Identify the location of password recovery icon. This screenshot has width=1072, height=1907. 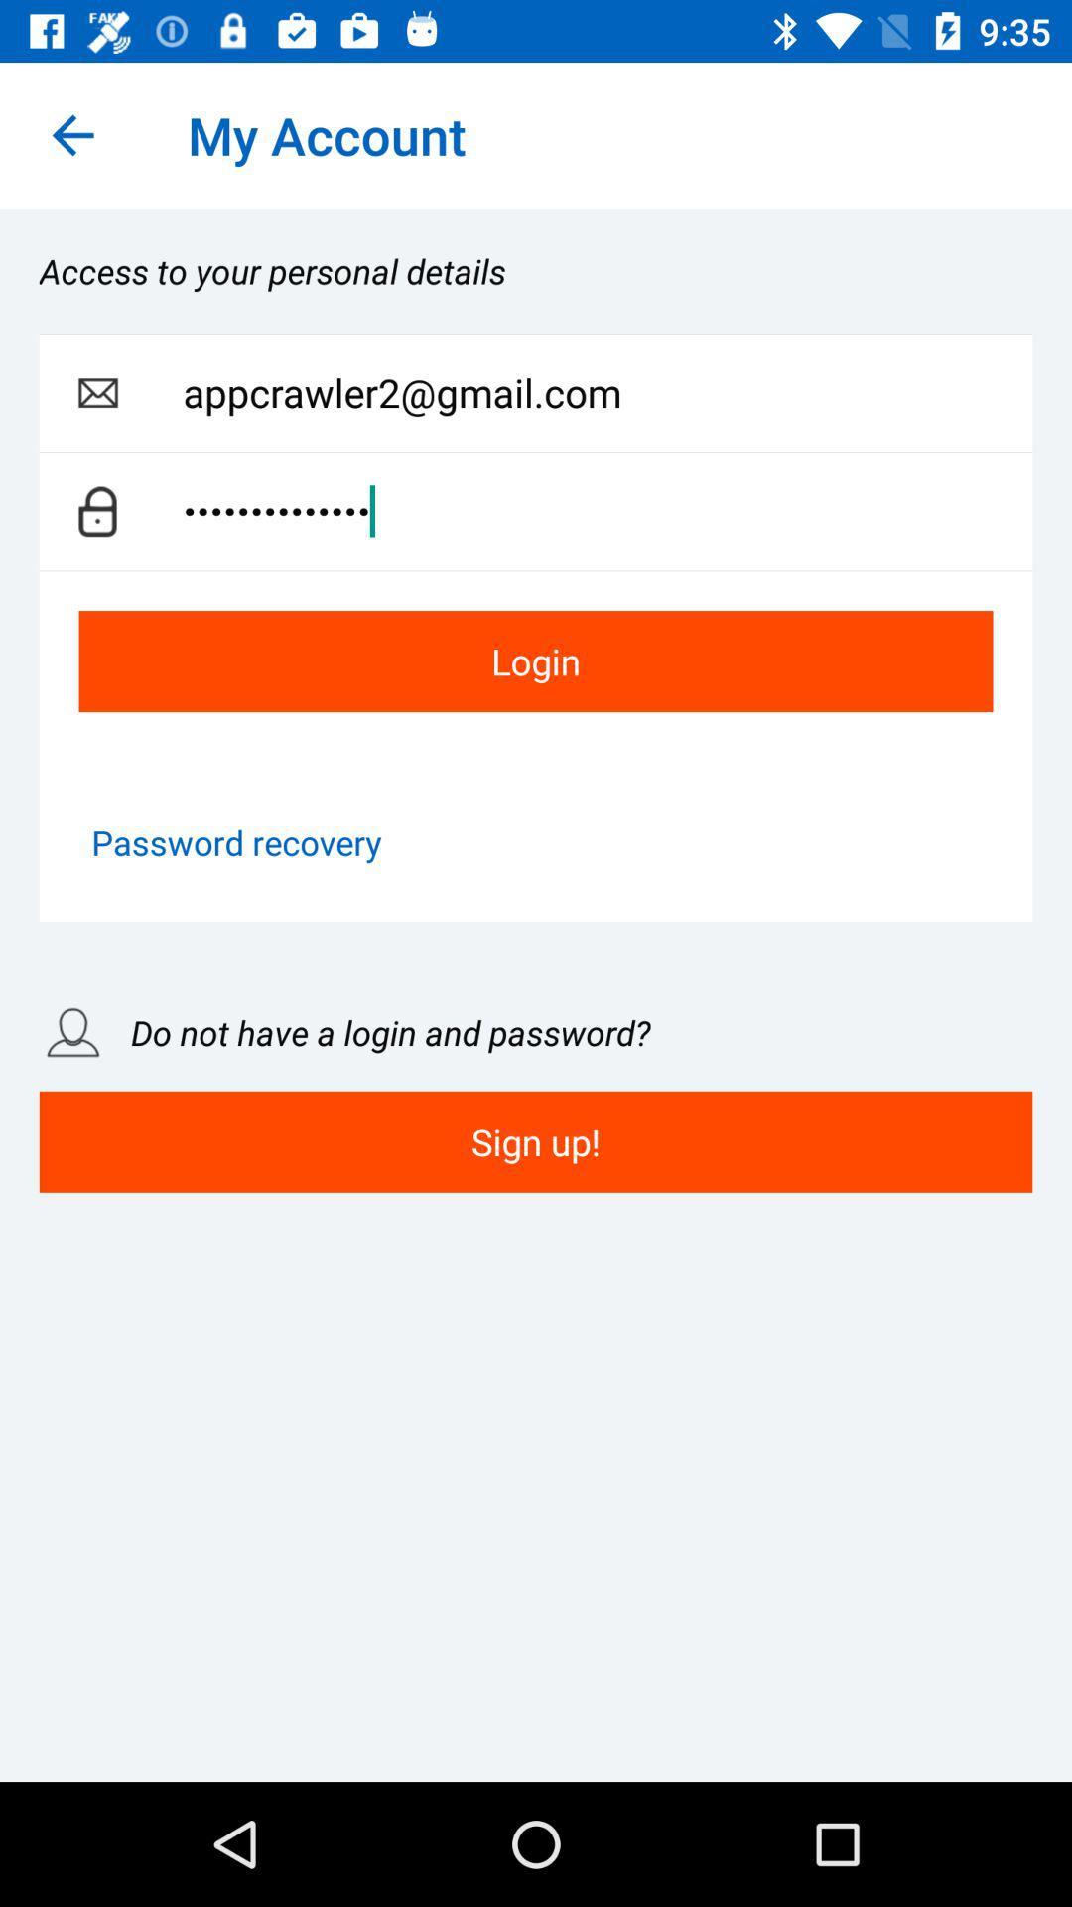
(235, 842).